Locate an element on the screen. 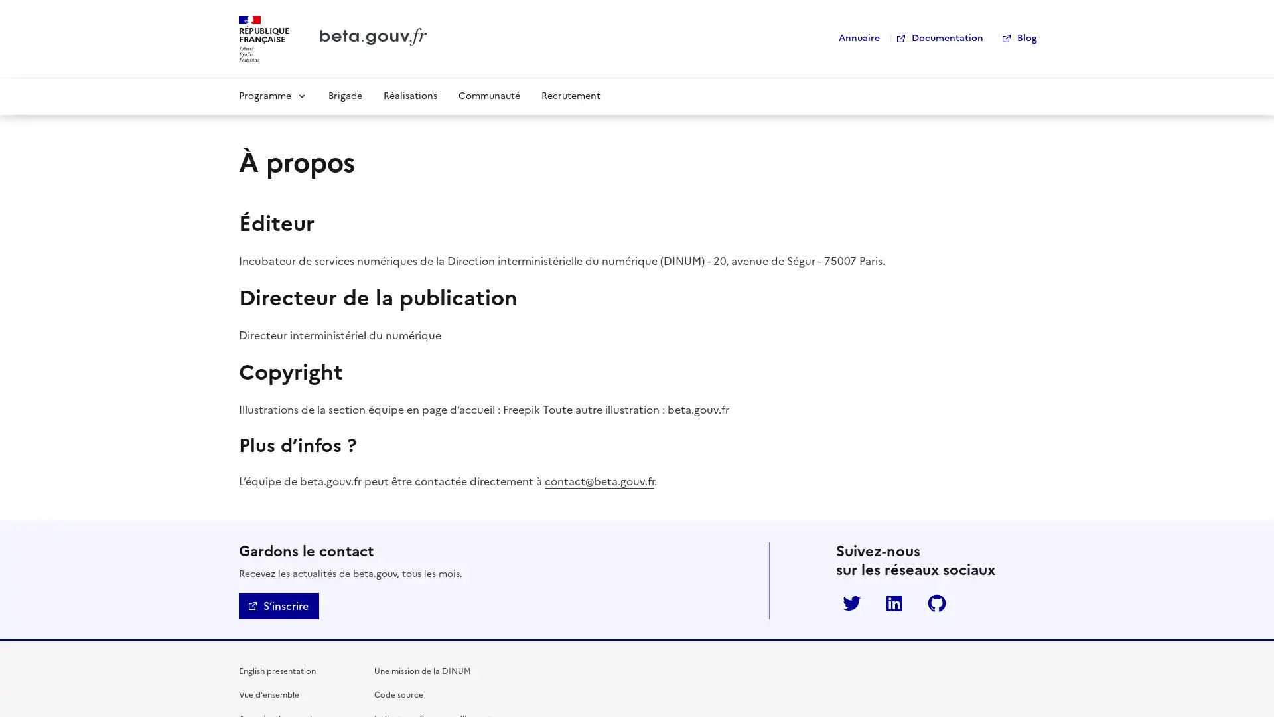 The image size is (1274, 717). Sinscrire is located at coordinates (278, 605).